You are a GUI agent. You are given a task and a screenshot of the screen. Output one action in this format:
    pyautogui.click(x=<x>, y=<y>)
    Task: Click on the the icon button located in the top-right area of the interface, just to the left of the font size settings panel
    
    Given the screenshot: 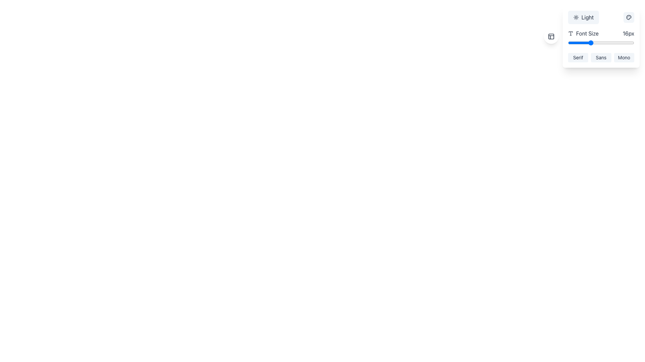 What is the action you would take?
    pyautogui.click(x=551, y=36)
    